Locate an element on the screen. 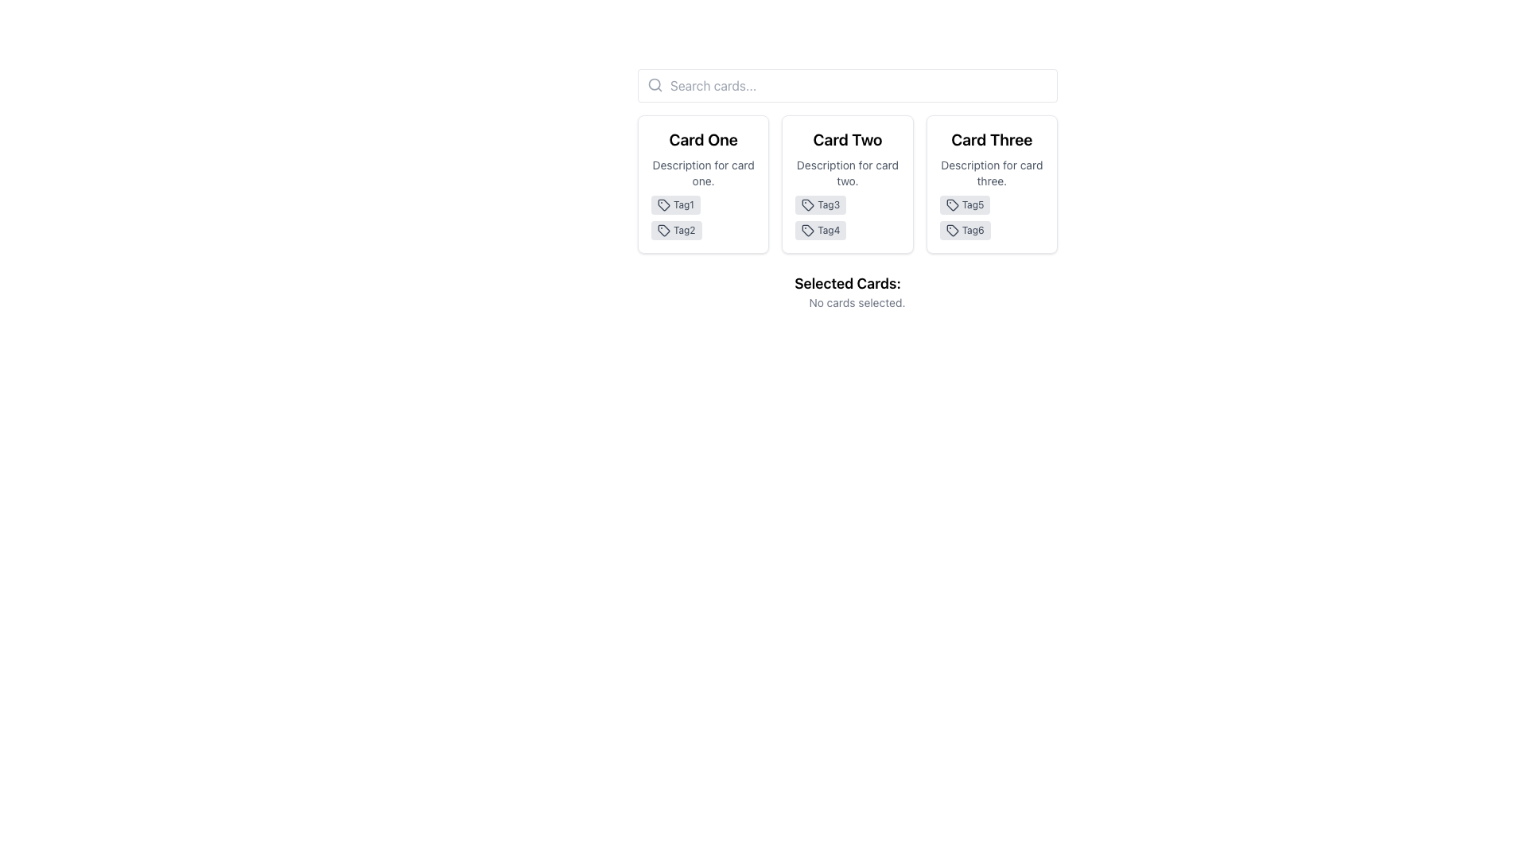  tags 'Tag5' and 'Tag6' located within 'Card Three', below the 'Description for card three.' is located at coordinates (991, 217).